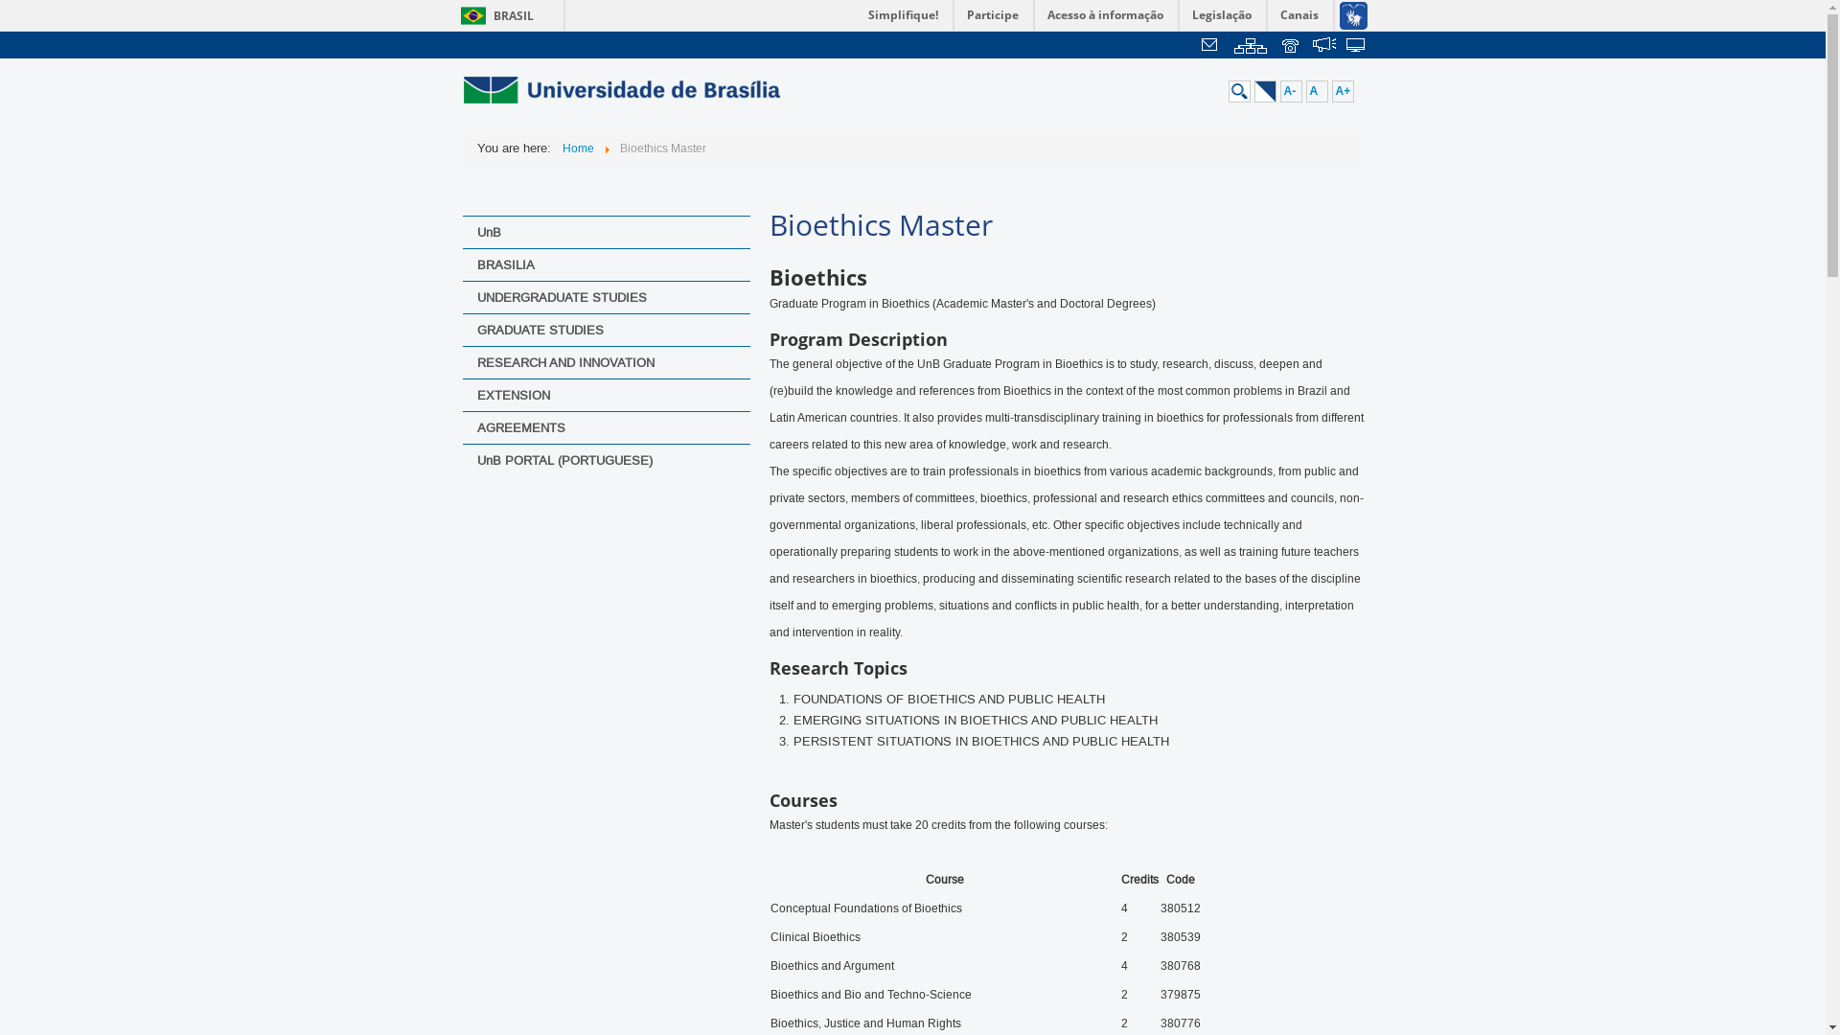 This screenshot has width=1840, height=1035. What do you see at coordinates (493, 15) in the screenshot?
I see `'BRASIL'` at bounding box center [493, 15].